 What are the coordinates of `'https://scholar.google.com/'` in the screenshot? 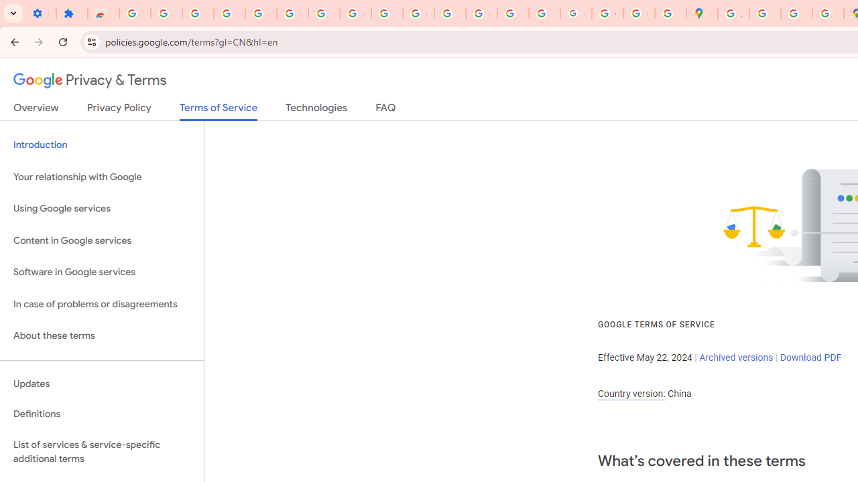 It's located at (450, 13).